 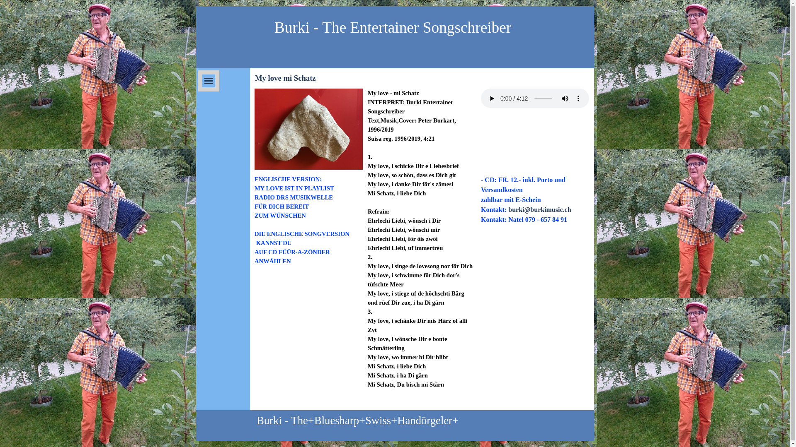 I want to click on 'burki@burkimusic.ch', so click(x=539, y=209).